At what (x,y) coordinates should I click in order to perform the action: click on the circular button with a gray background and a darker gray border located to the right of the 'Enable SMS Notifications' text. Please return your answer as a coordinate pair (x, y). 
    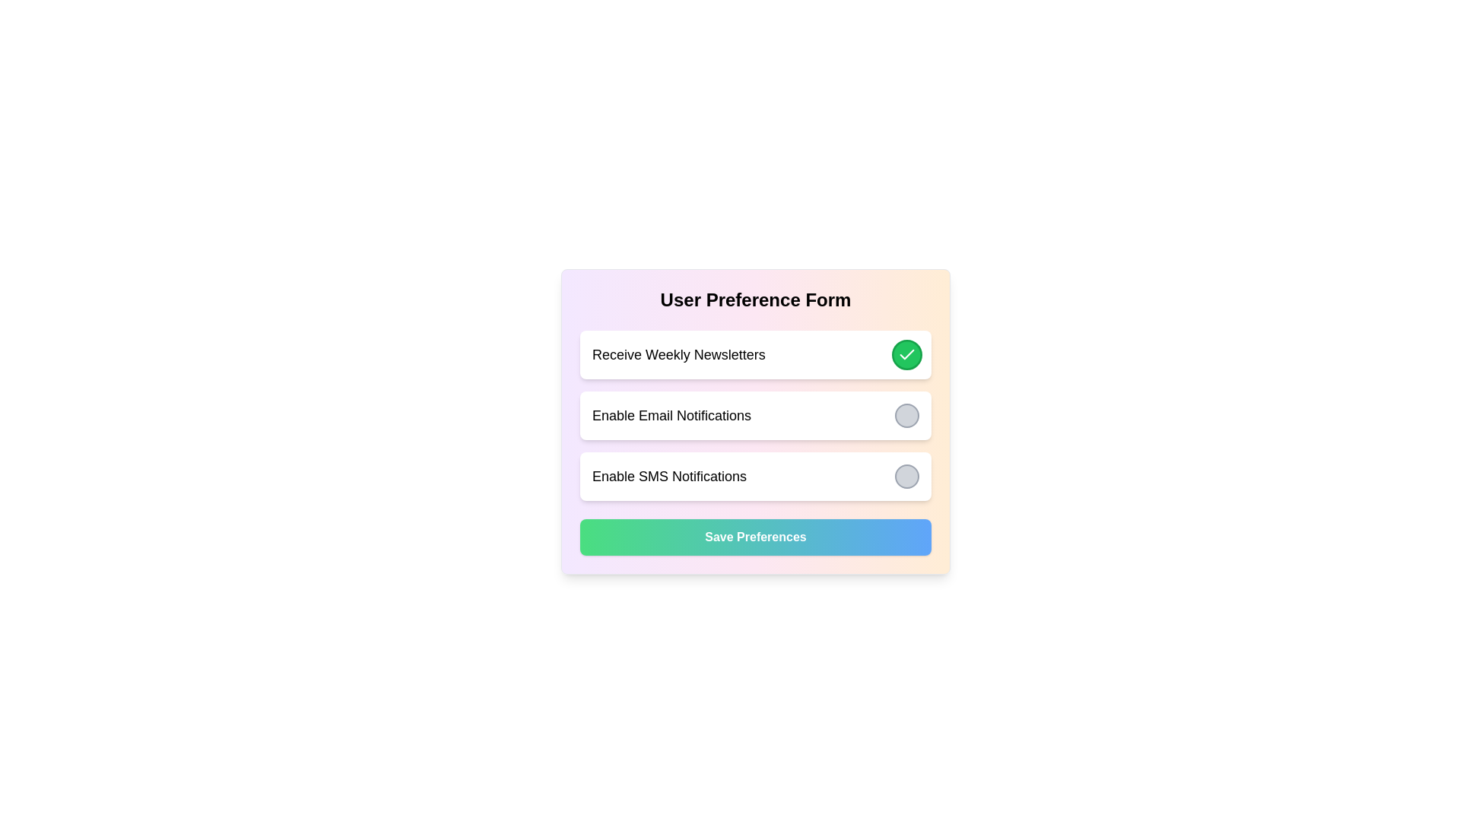
    Looking at the image, I should click on (907, 476).